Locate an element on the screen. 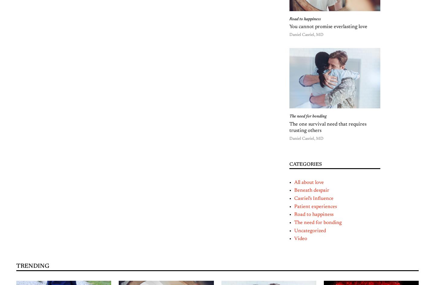  'All about love' is located at coordinates (309, 182).